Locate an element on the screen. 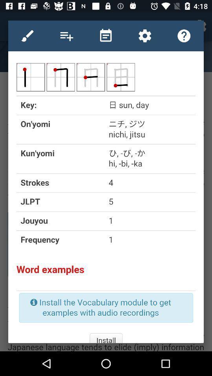 Image resolution: width=212 pixels, height=376 pixels. use paint tool is located at coordinates (27, 36).